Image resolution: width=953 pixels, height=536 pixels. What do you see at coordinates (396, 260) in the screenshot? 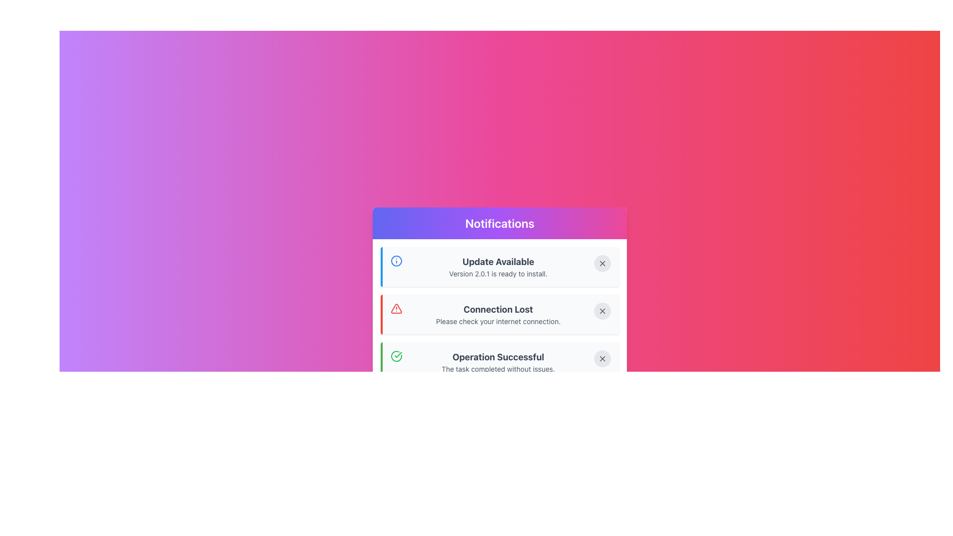
I see `the presence of the information icon located at the top-left of the notification card titled 'Update Available'` at bounding box center [396, 260].